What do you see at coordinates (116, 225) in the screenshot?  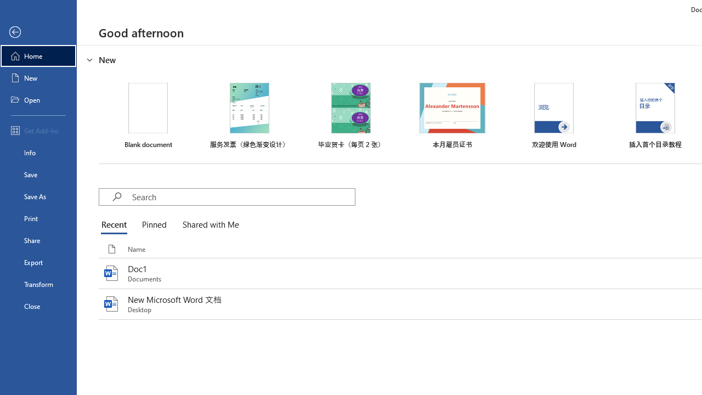 I see `'Recent'` at bounding box center [116, 225].